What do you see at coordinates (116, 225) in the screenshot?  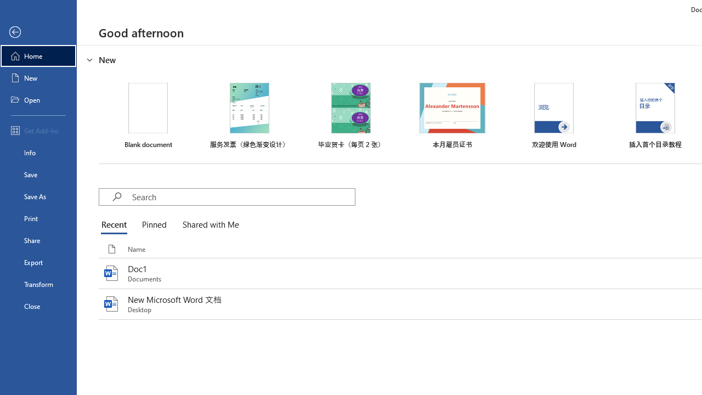 I see `'Recent'` at bounding box center [116, 225].